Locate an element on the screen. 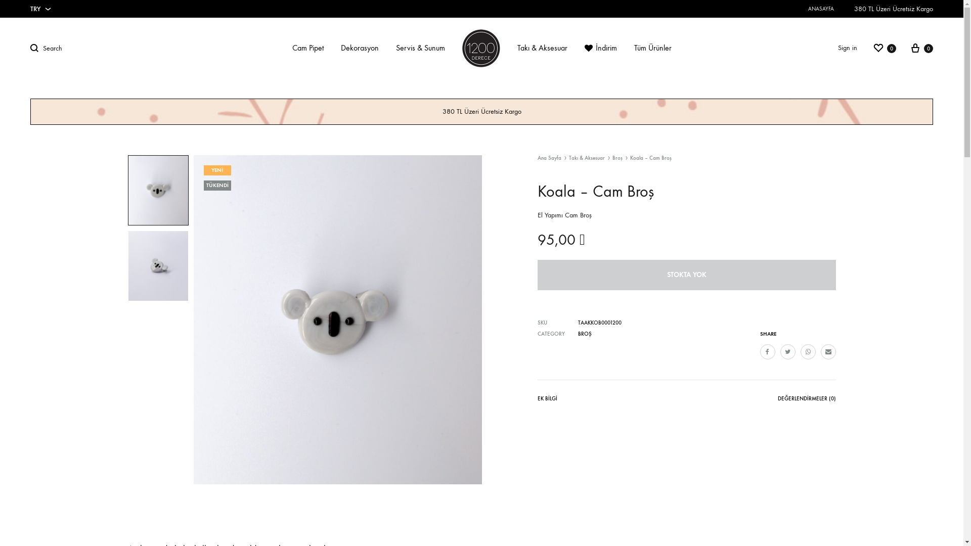 Image resolution: width=971 pixels, height=546 pixels. 'koala-pin-1' is located at coordinates (337, 320).